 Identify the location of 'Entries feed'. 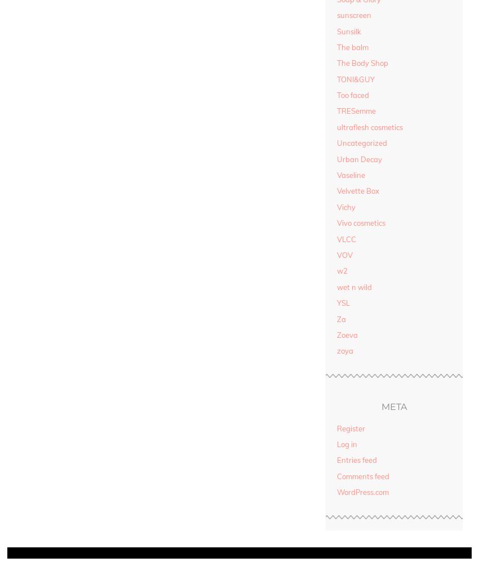
(356, 460).